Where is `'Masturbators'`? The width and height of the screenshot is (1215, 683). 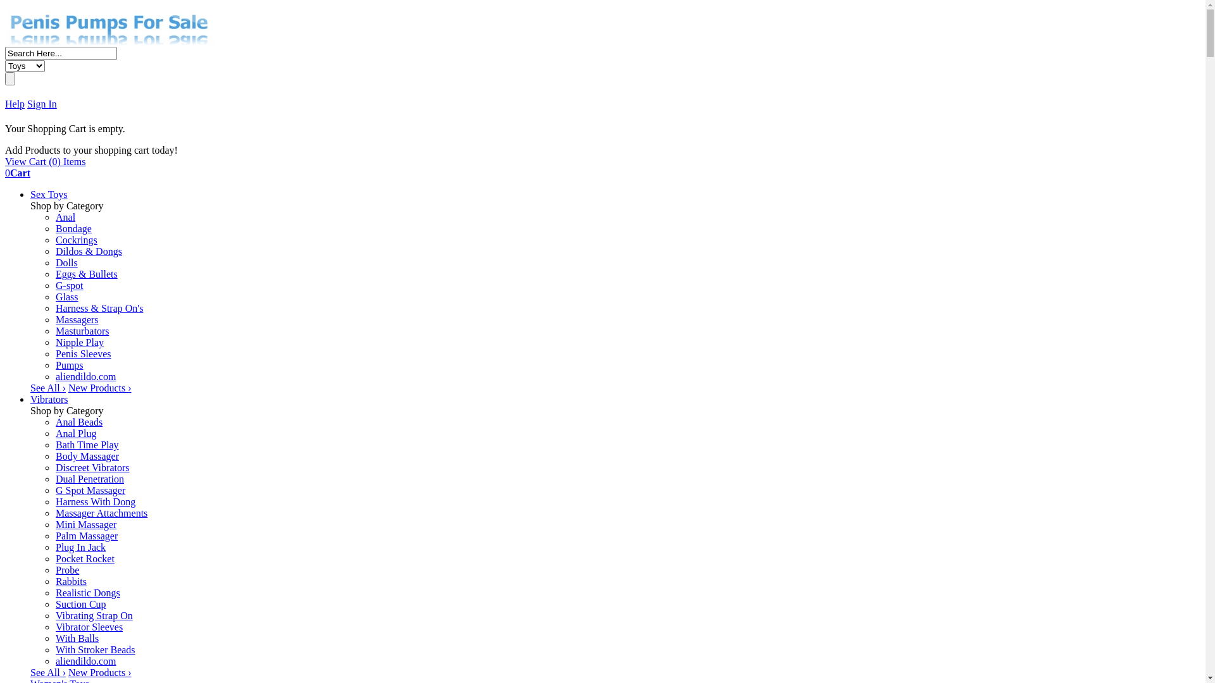 'Masturbators' is located at coordinates (81, 330).